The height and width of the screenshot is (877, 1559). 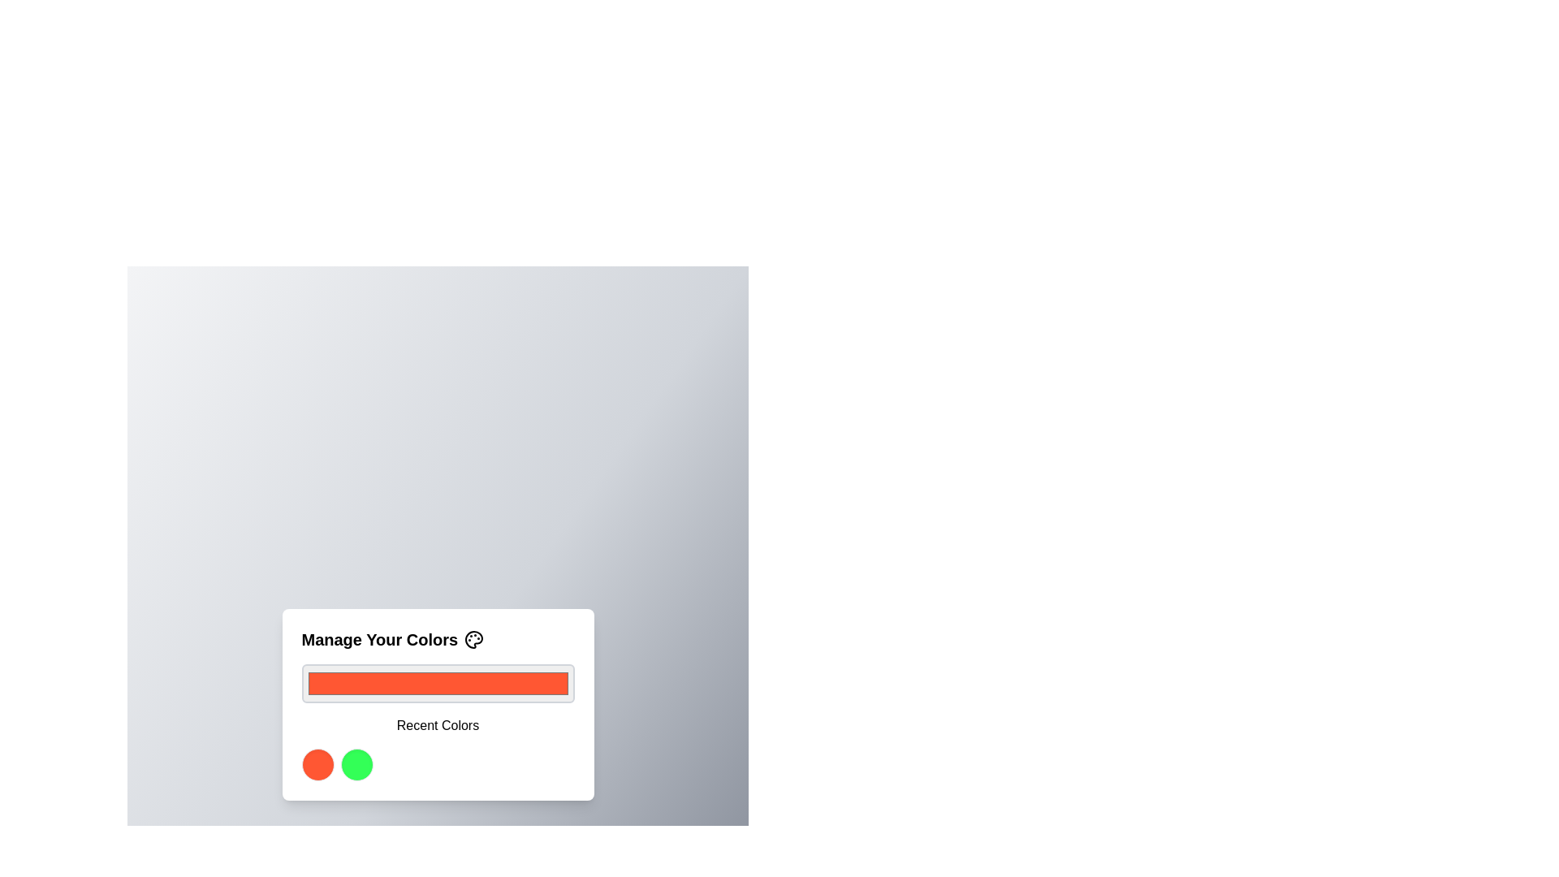 I want to click on the first selectable color button, which is a circular area with a solid red fill, located at the bottom section of the card layout titled 'Manage Your Colors', so click(x=317, y=764).